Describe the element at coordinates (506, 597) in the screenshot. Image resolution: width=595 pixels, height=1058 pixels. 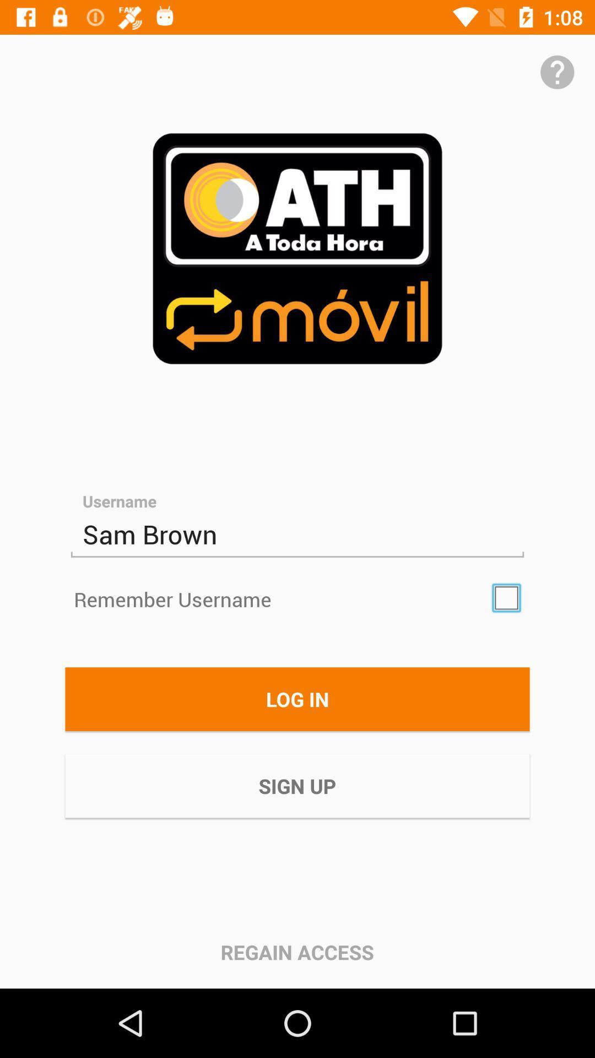
I see `the icon on the right` at that location.